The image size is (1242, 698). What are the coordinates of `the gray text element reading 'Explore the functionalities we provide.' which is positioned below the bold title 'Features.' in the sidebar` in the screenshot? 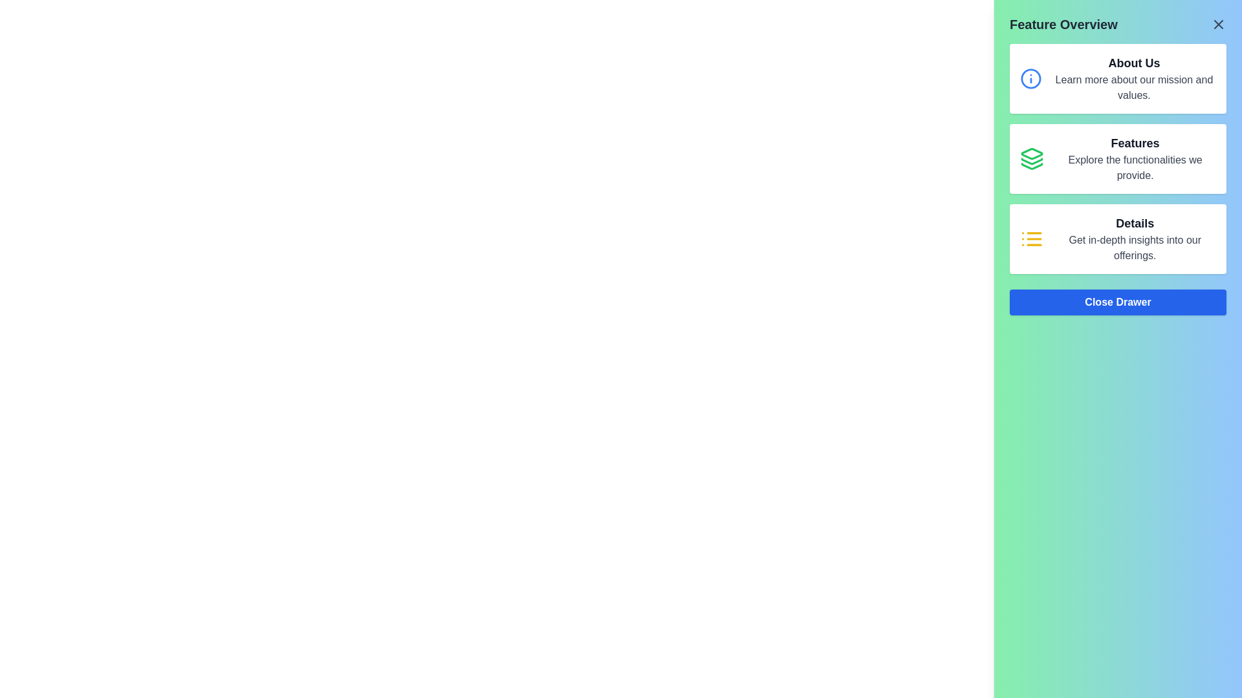 It's located at (1135, 167).